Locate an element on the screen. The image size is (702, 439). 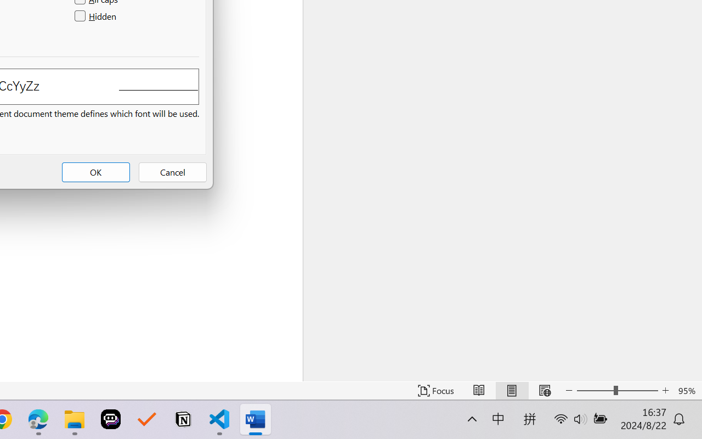
'Poe' is located at coordinates (111, 419).